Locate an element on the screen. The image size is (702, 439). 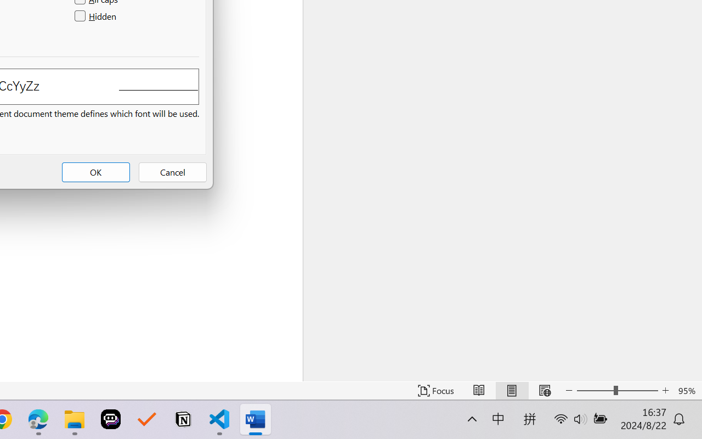
'Poe' is located at coordinates (111, 419).